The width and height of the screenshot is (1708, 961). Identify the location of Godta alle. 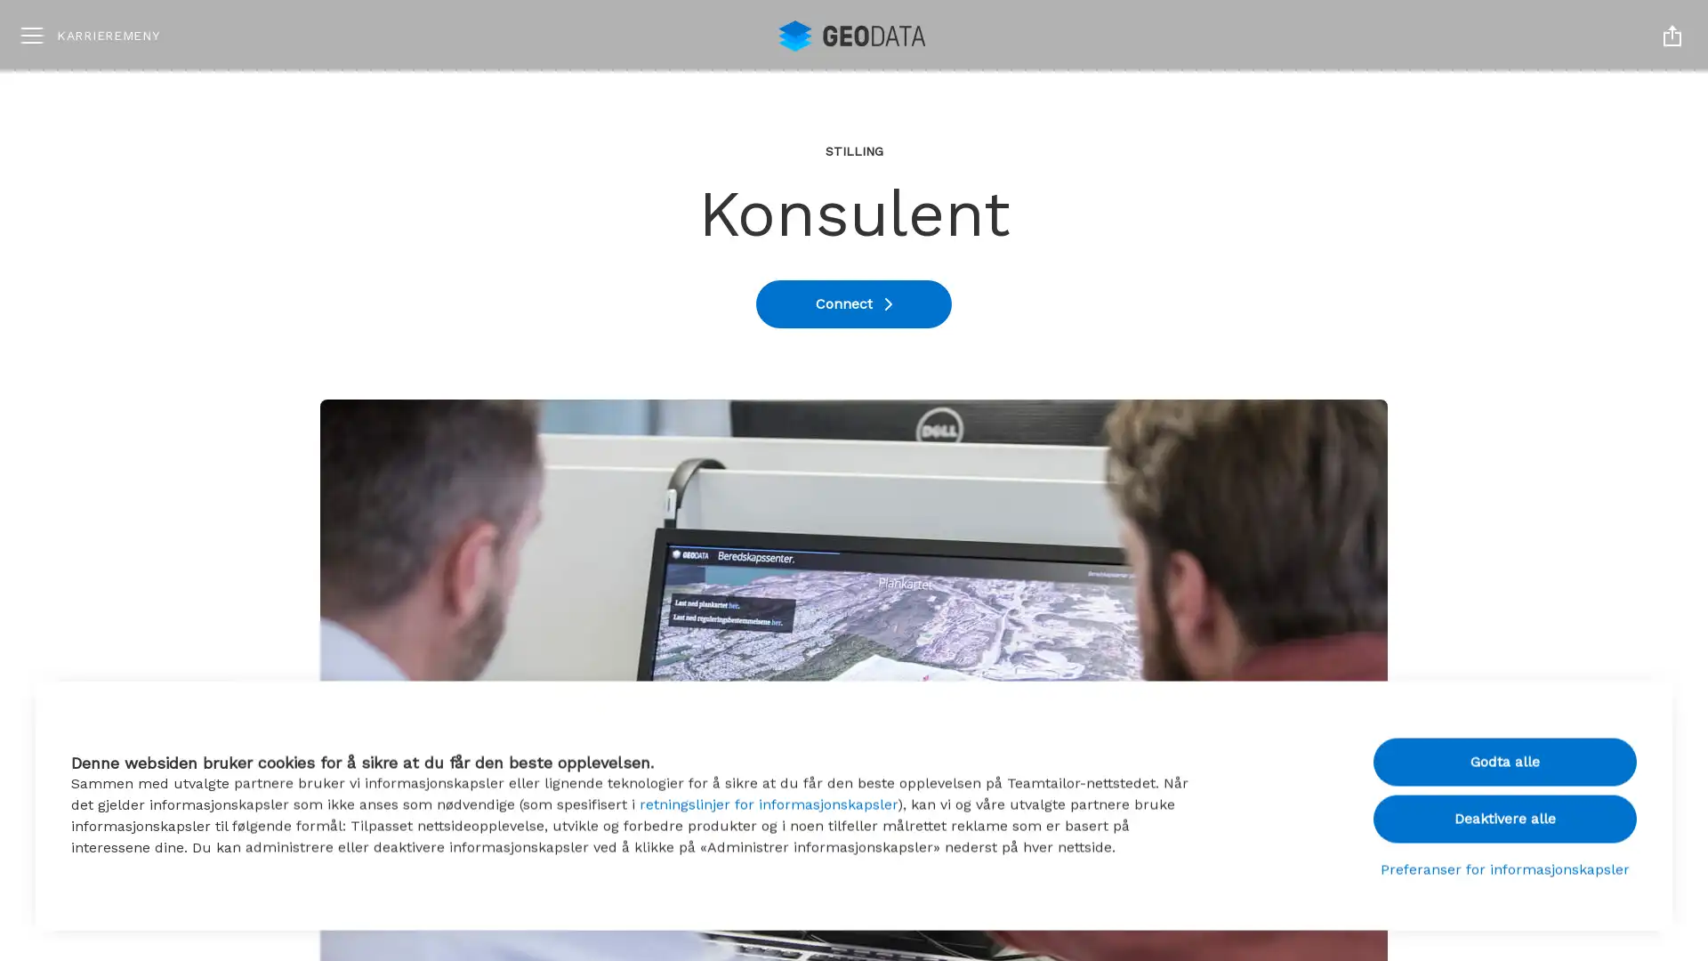
(1504, 757).